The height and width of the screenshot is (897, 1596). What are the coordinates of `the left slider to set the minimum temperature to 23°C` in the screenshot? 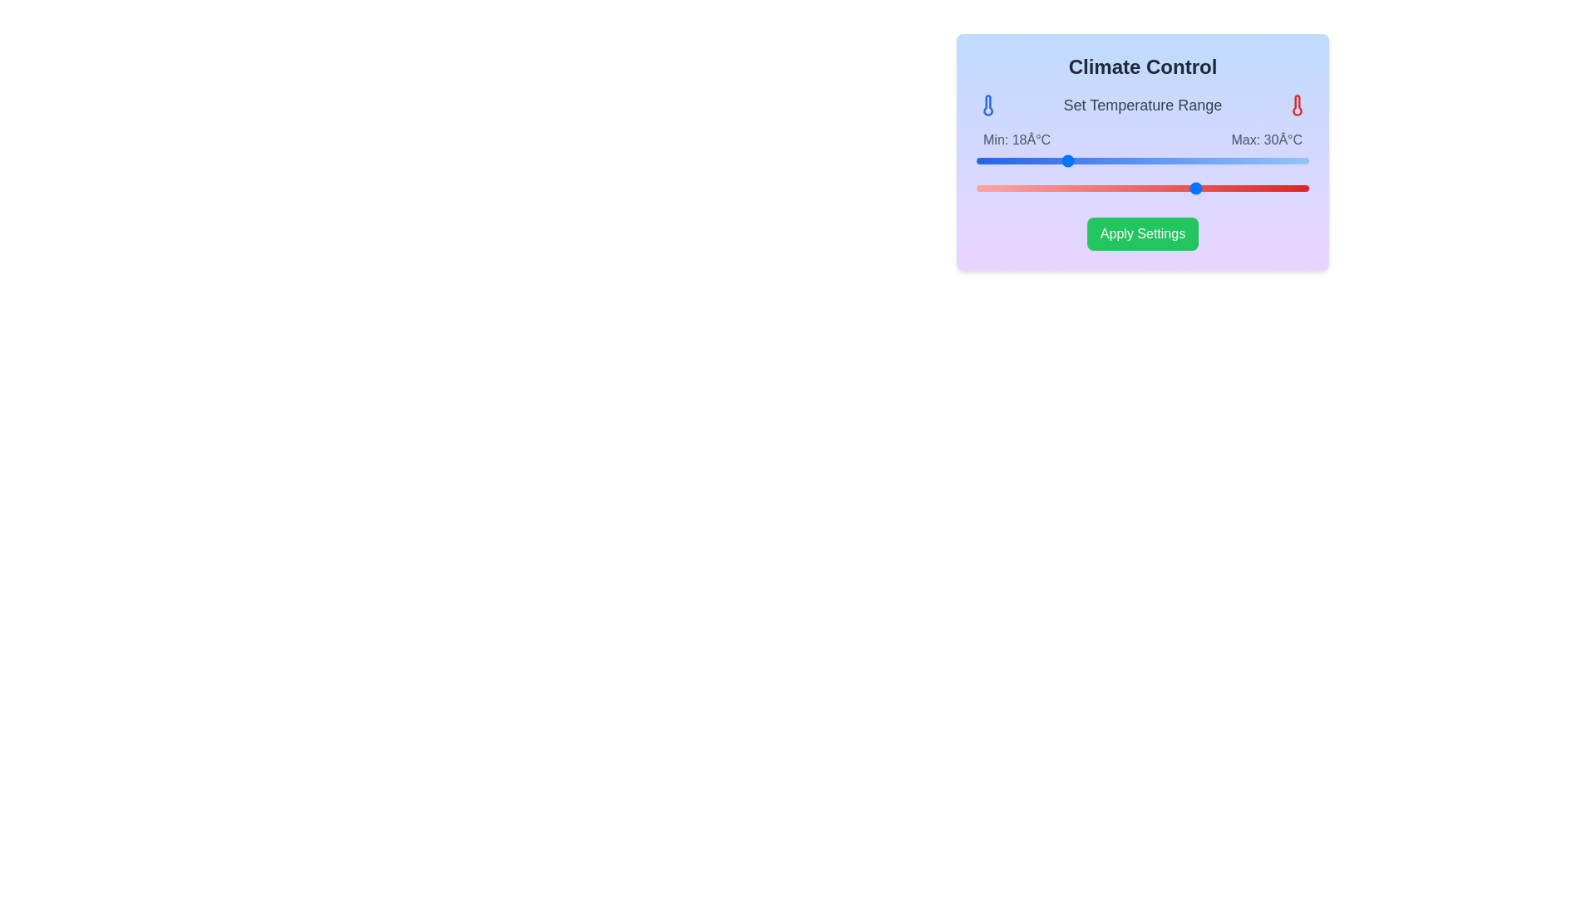 It's located at (1121, 160).